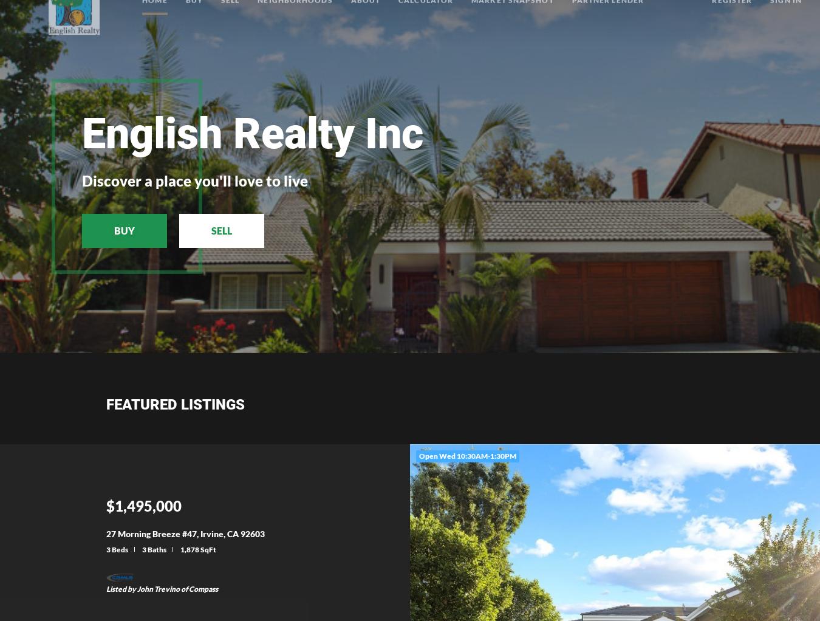  I want to click on '3 Baths', so click(153, 548).